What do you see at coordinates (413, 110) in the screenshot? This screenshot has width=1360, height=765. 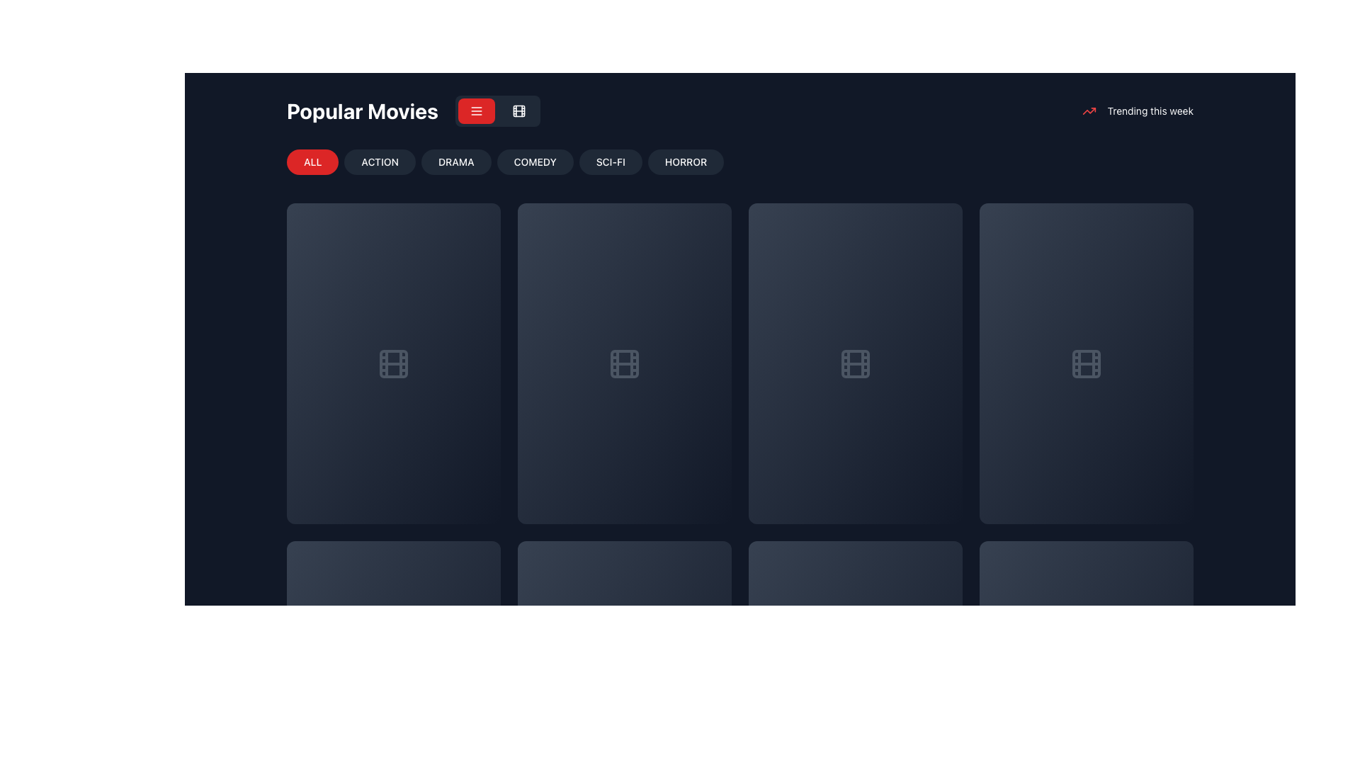 I see `the 'Popular Movies' text label or header, which is styled in large, bold font and is located at the upper left portion of the interface` at bounding box center [413, 110].